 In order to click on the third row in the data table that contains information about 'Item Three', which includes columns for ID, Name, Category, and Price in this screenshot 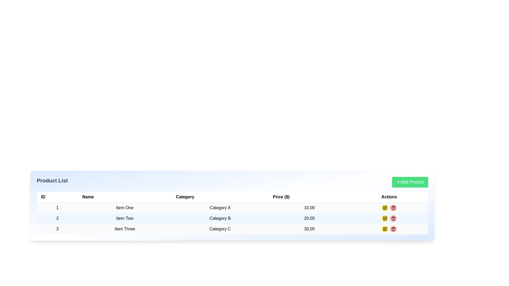, I will do `click(232, 229)`.